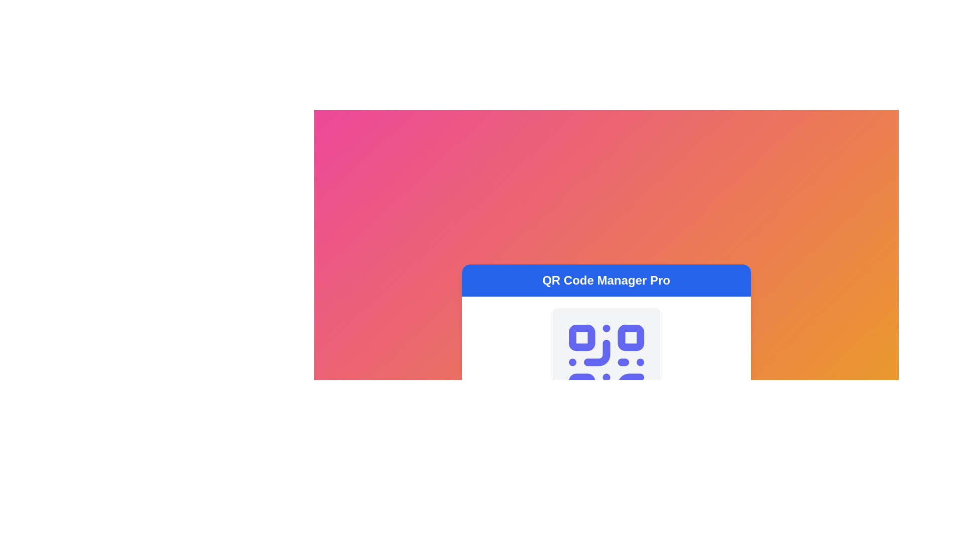 This screenshot has width=964, height=542. What do you see at coordinates (581, 337) in the screenshot?
I see `the top-left corner square of the QR code representation in the SVG structure` at bounding box center [581, 337].